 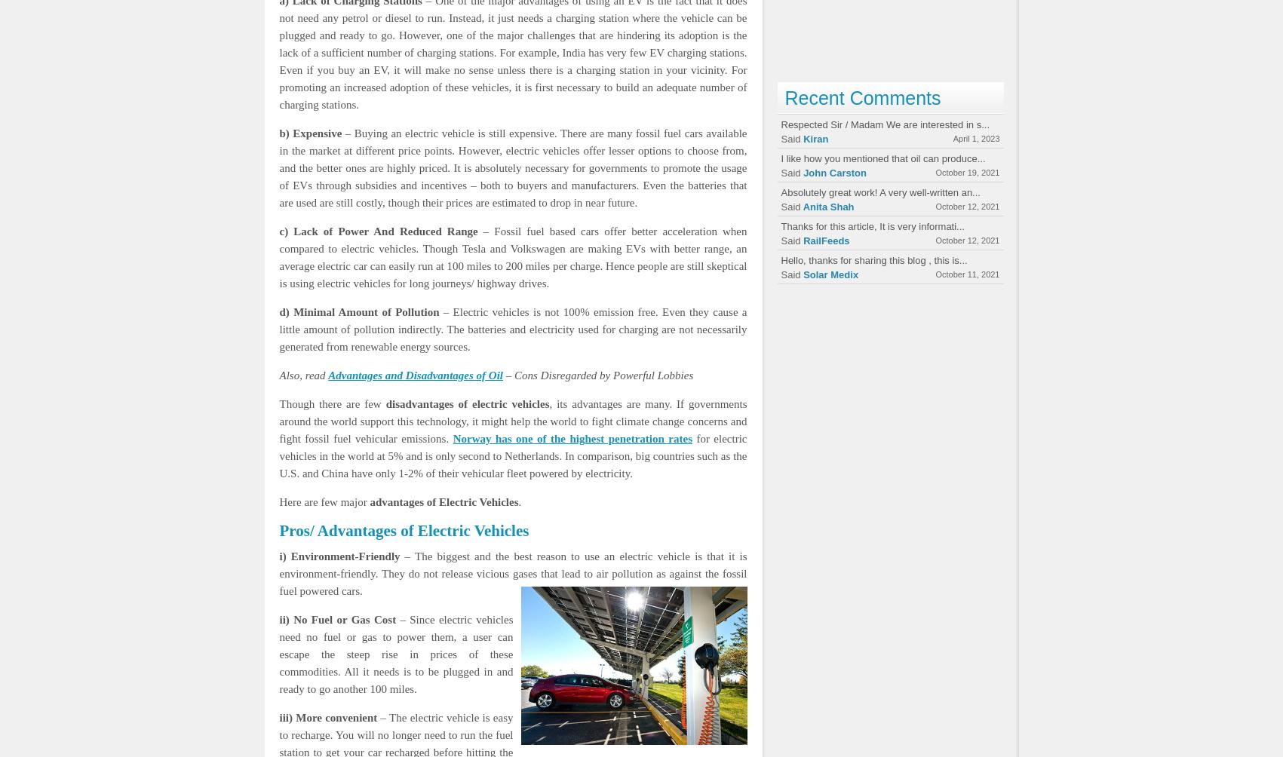 I want to click on 'Pros/ Advantages of Electric Vehicles', so click(x=404, y=530).